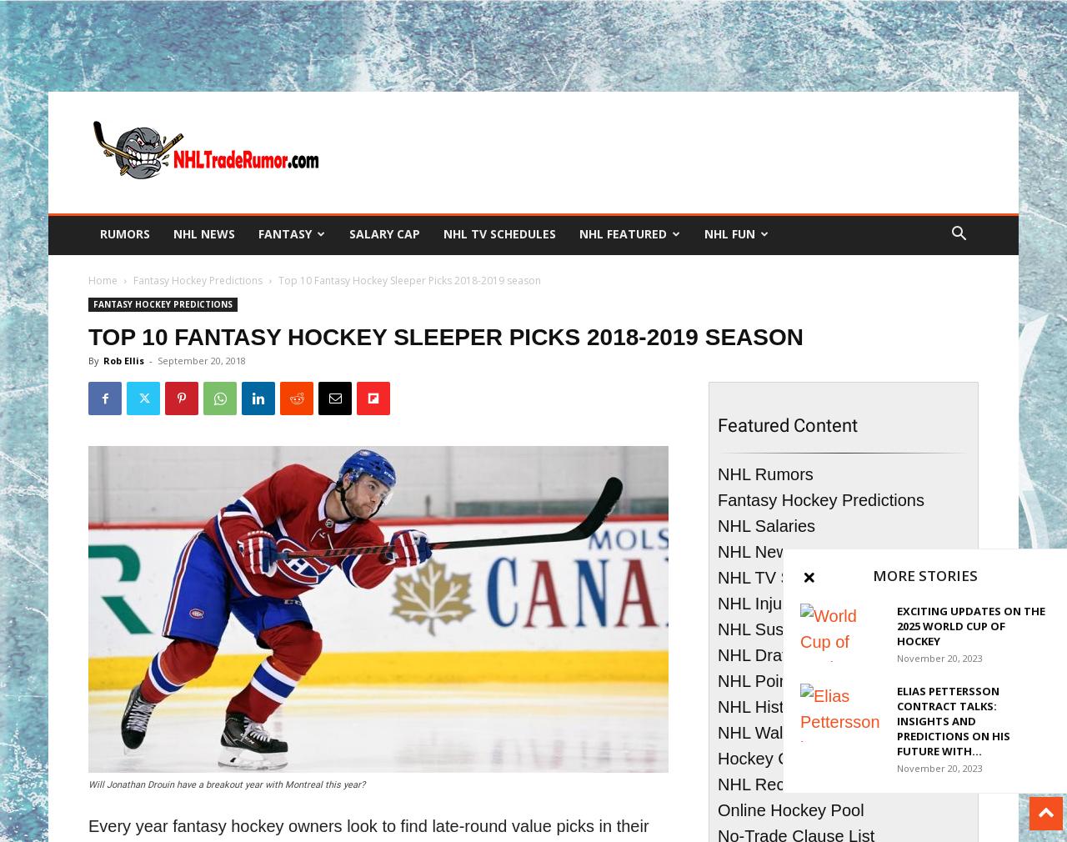 The height and width of the screenshot is (842, 1067). What do you see at coordinates (149, 360) in the screenshot?
I see `'-'` at bounding box center [149, 360].